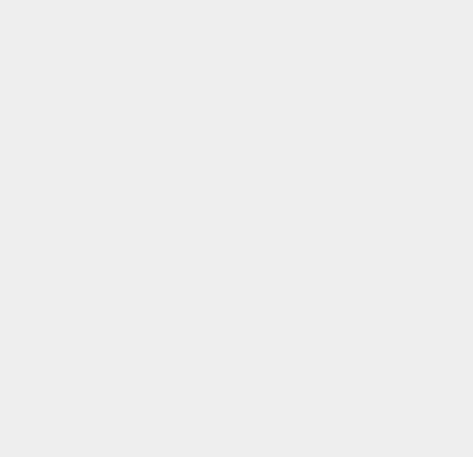 Image resolution: width=473 pixels, height=457 pixels. What do you see at coordinates (360, 87) in the screenshot?
I see `'OS X Mountain Lion'` at bounding box center [360, 87].